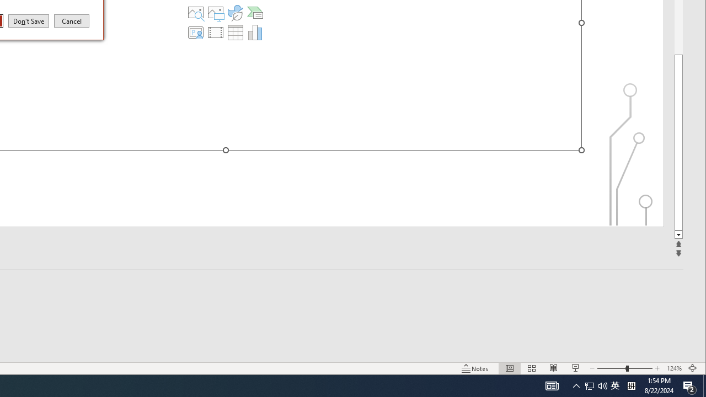 The height and width of the screenshot is (397, 706). What do you see at coordinates (552, 385) in the screenshot?
I see `'AutomationID: 4105'` at bounding box center [552, 385].